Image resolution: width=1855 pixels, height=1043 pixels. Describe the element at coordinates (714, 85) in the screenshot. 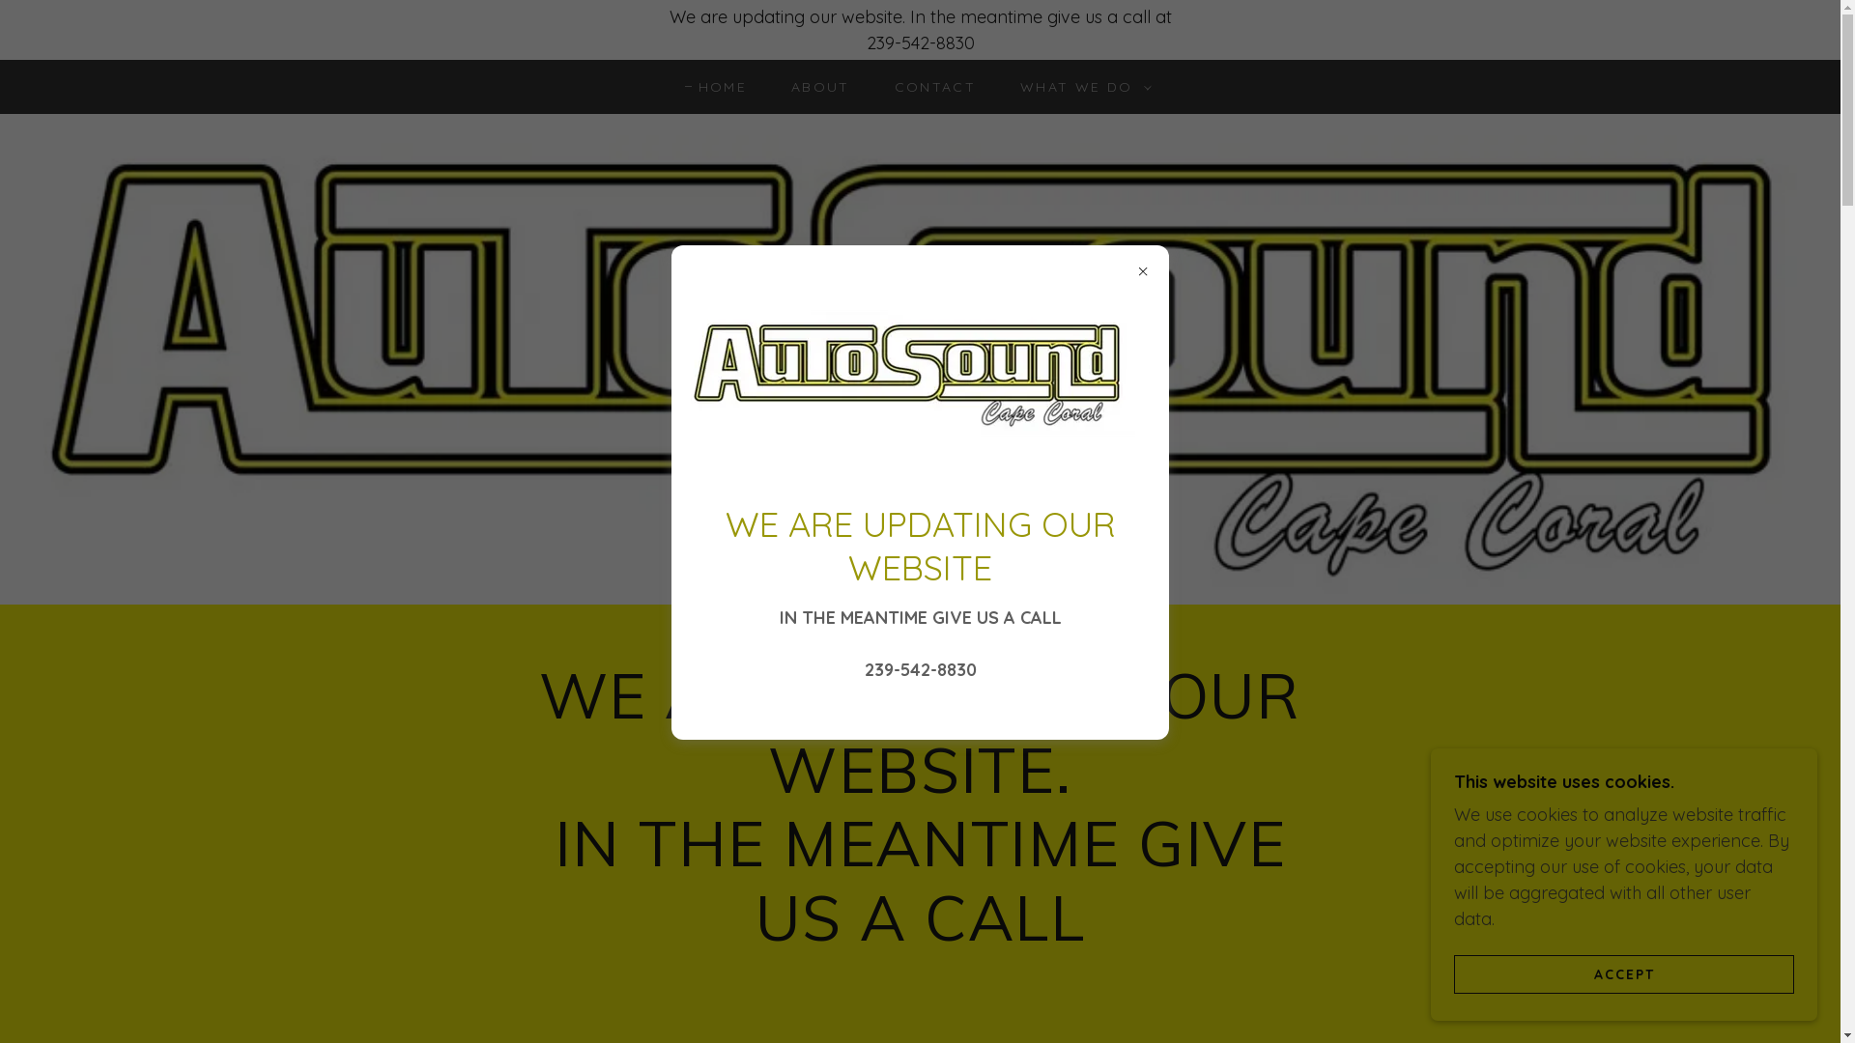

I see `'HOME'` at that location.